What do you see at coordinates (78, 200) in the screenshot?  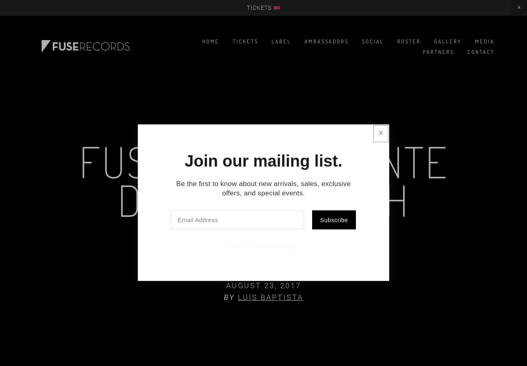 I see `'Fuse Sunset Fonte da Telha - 19th August'` at bounding box center [78, 200].